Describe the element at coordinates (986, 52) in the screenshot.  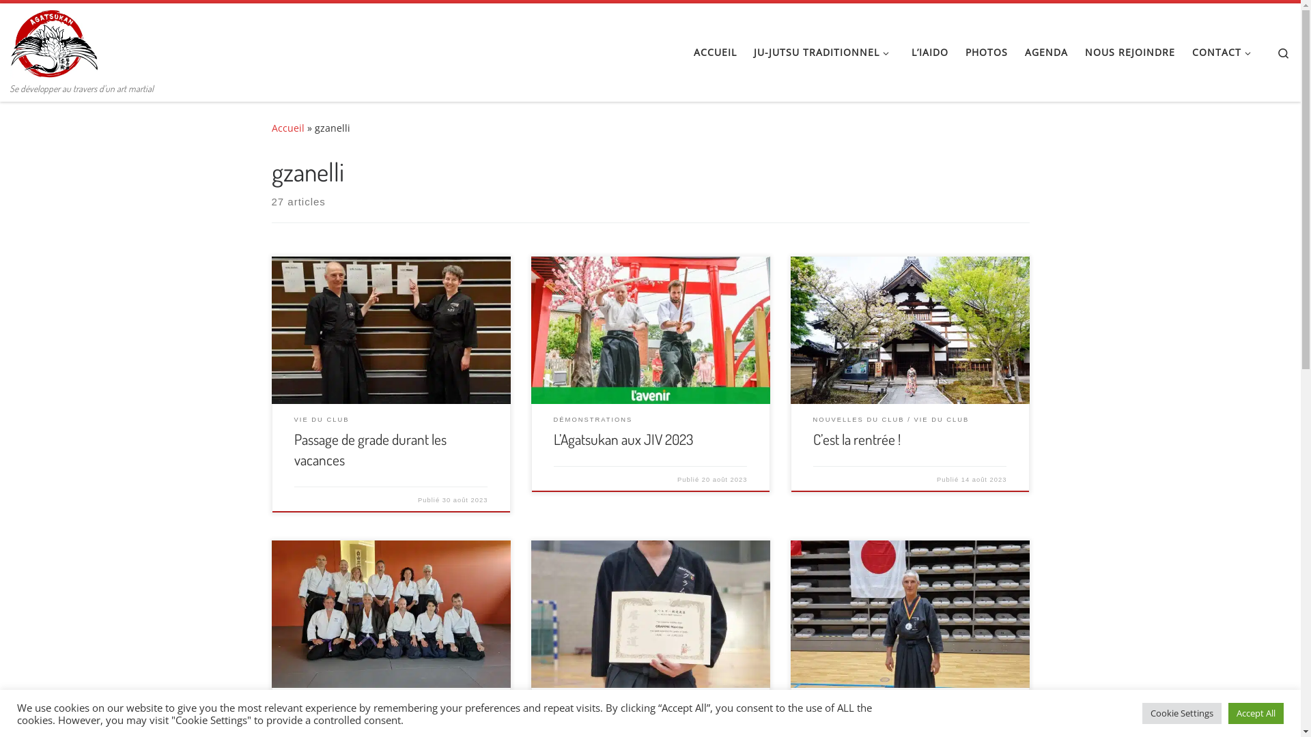
I see `'PHOTOS'` at that location.